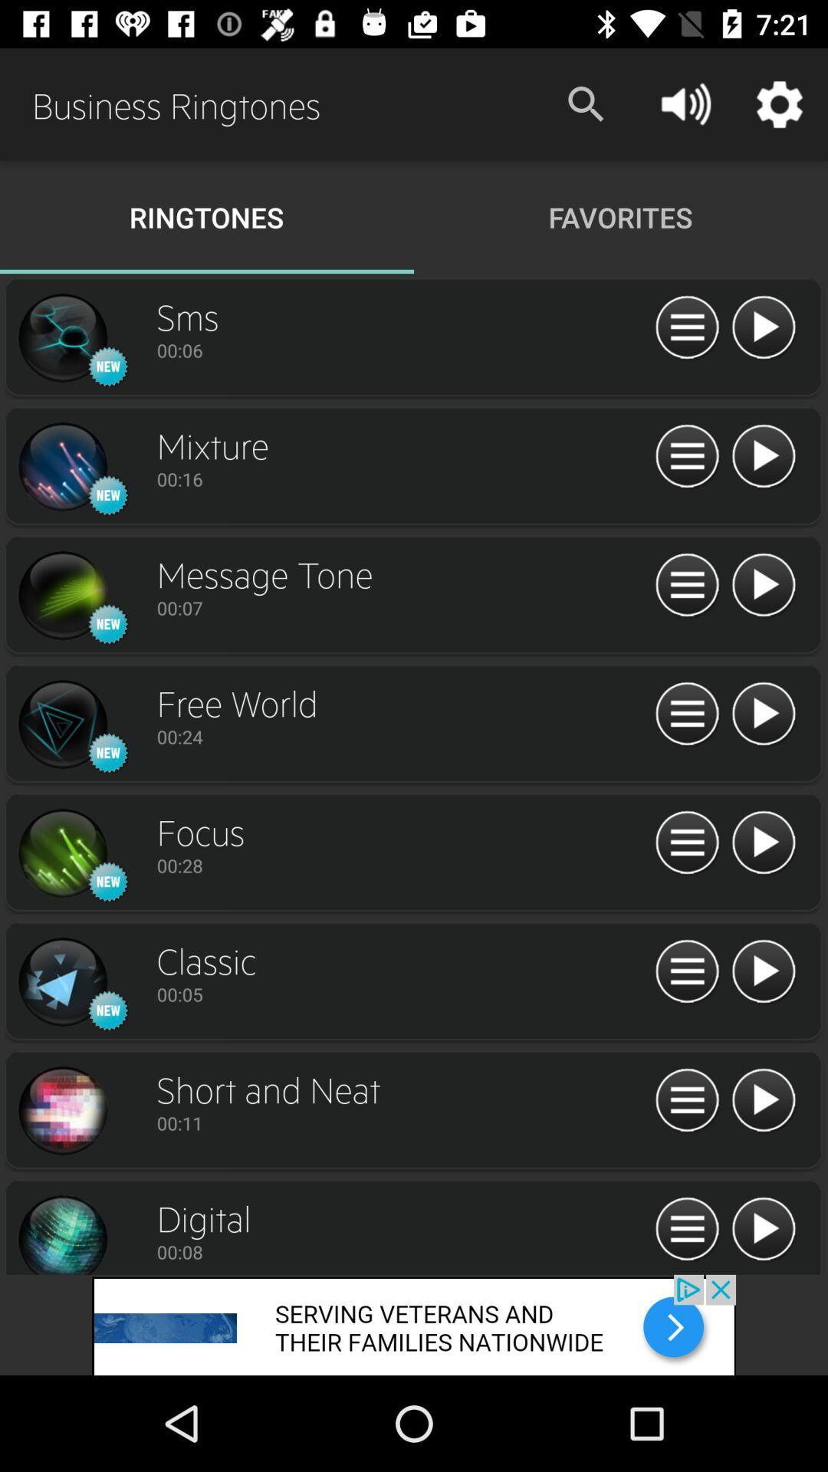  What do you see at coordinates (61, 1233) in the screenshot?
I see `click the digital app` at bounding box center [61, 1233].